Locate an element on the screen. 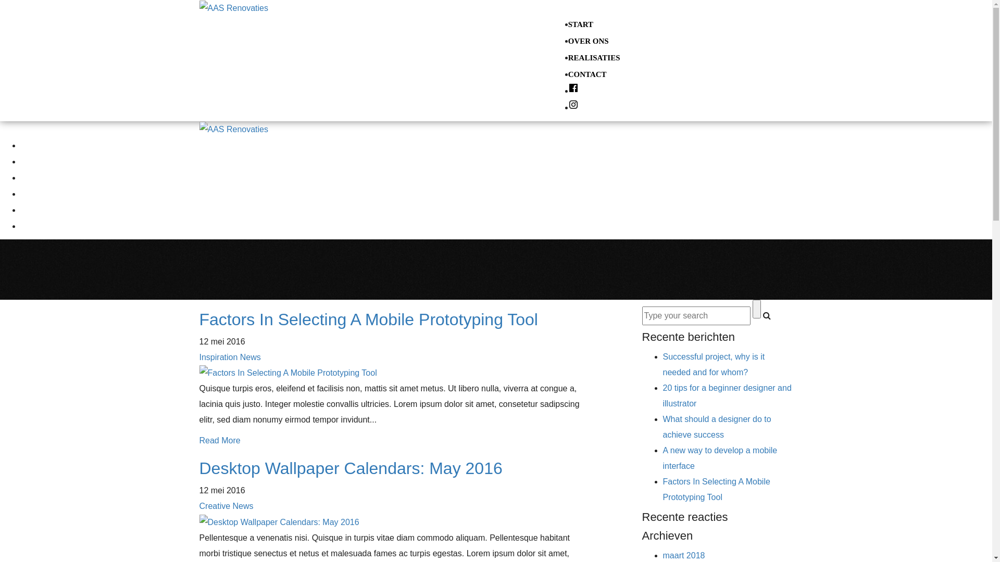  'OVER ONS' is located at coordinates (567, 40).